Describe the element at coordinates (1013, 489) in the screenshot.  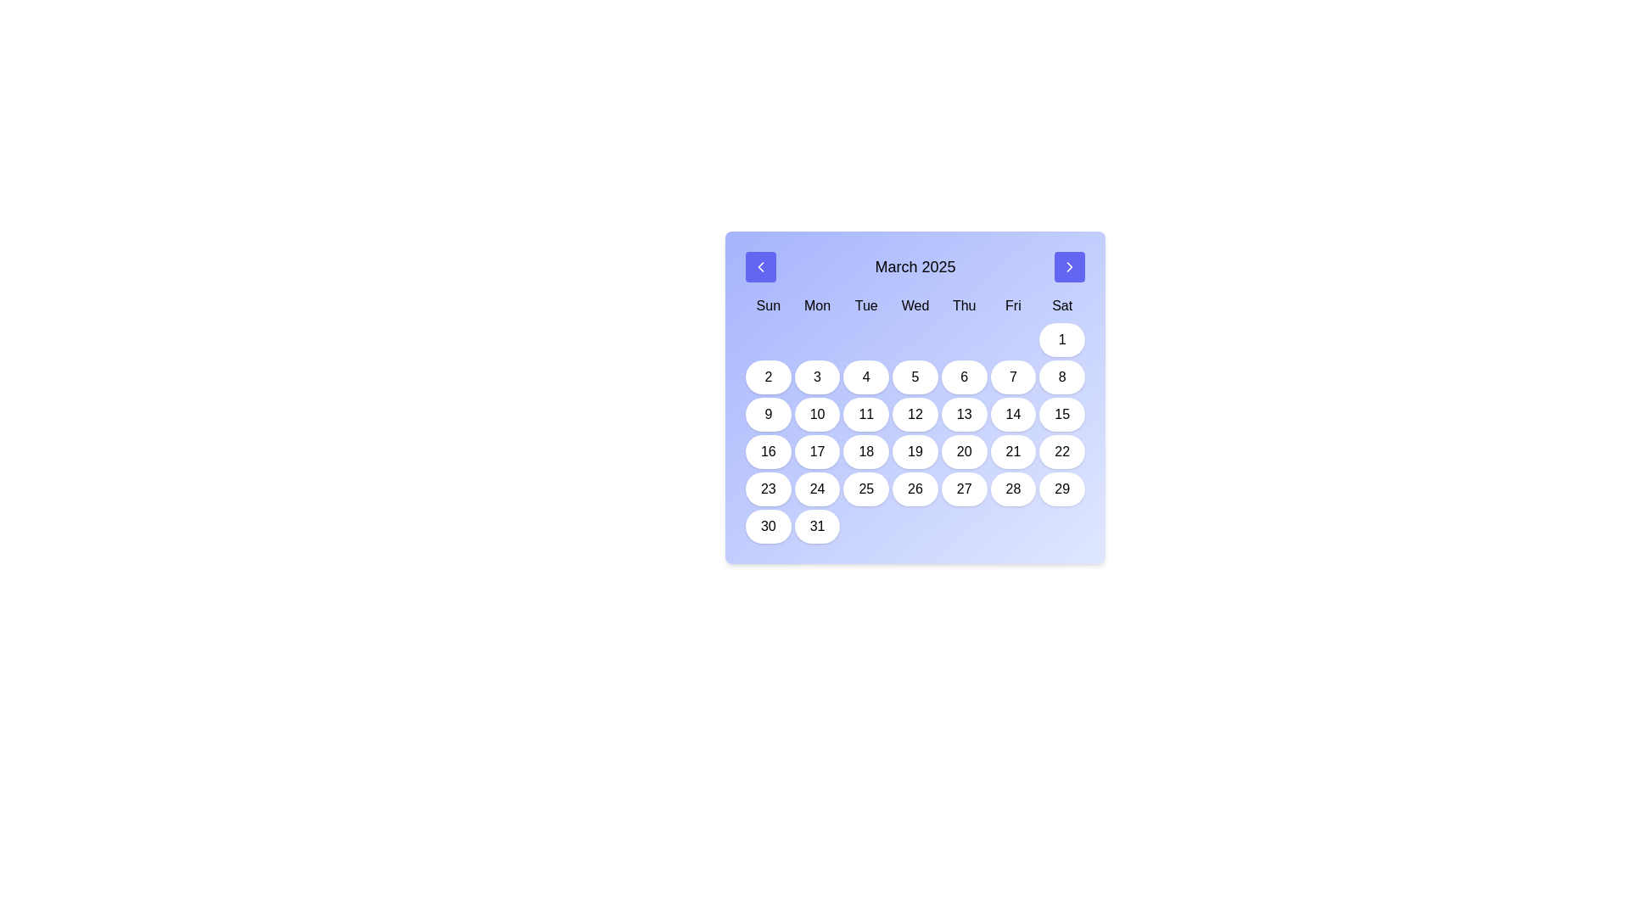
I see `the circular button with a white background showing the number '28' in black text, located in the bottom-right area of the calendar grid` at that location.